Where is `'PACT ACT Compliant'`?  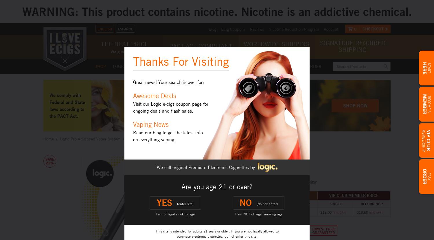 'PACT ACT Compliant' is located at coordinates (200, 46).